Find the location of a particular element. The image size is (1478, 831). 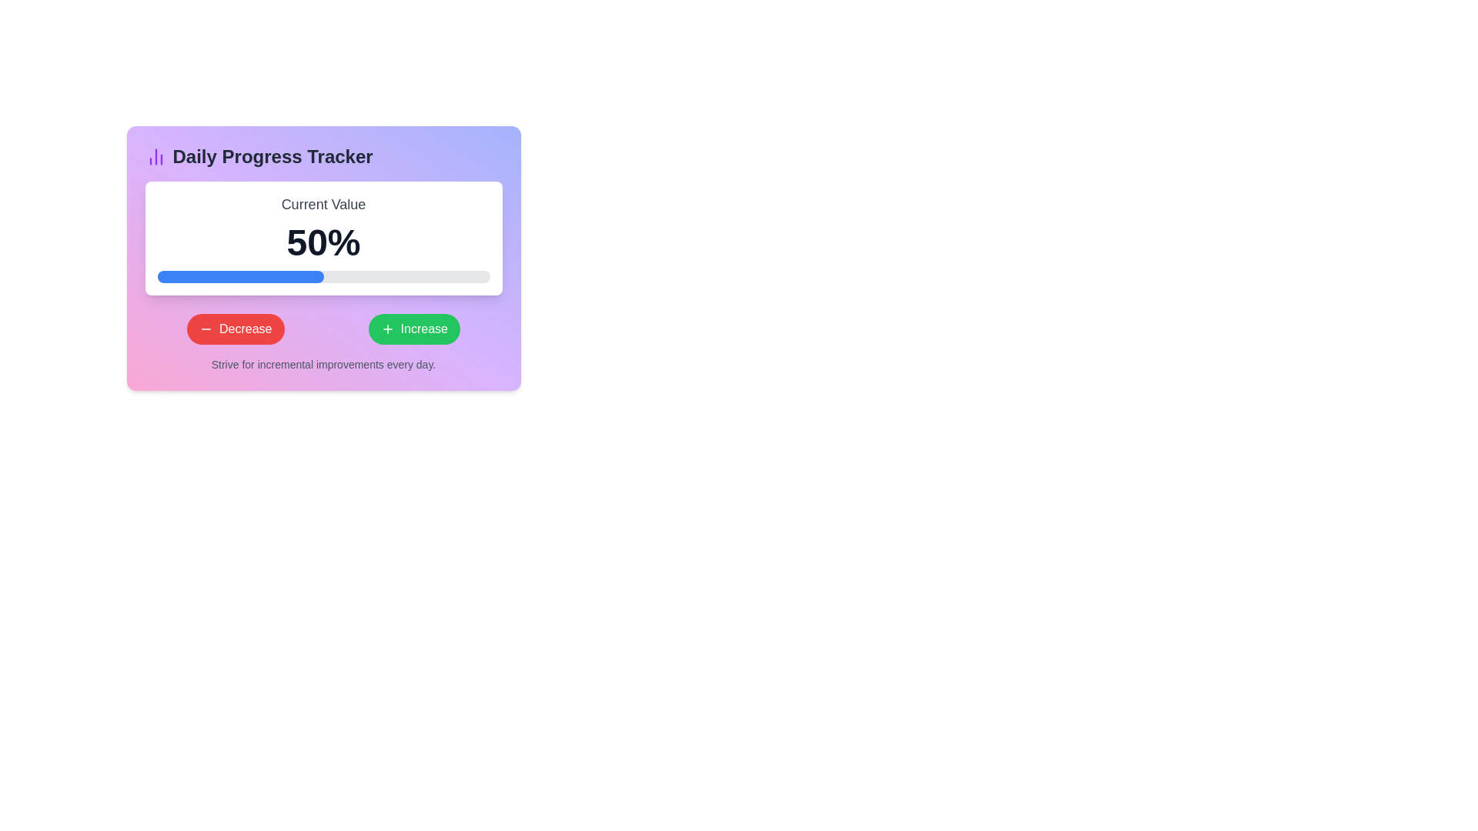

the text label that provides context for the displayed percentage value, which is located above the '50%' text in a white rounded box with shadow effects is located at coordinates (323, 204).